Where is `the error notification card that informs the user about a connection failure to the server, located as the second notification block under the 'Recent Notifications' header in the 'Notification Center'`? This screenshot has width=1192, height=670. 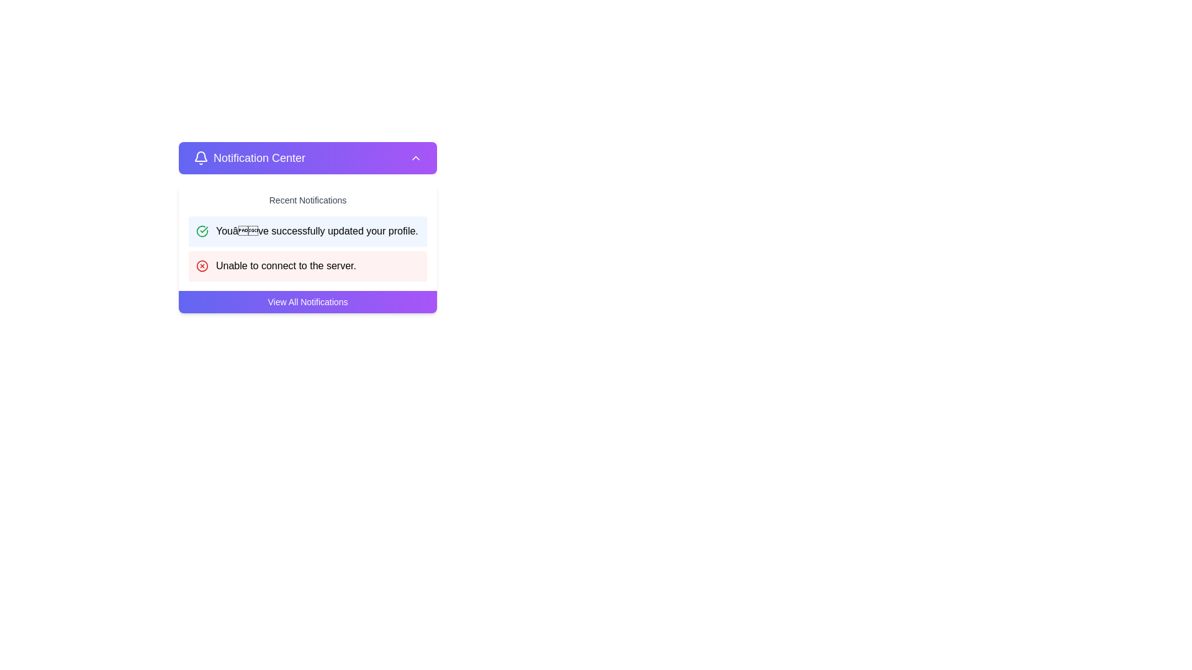
the error notification card that informs the user about a connection failure to the server, located as the second notification block under the 'Recent Notifications' header in the 'Notification Center' is located at coordinates (307, 265).